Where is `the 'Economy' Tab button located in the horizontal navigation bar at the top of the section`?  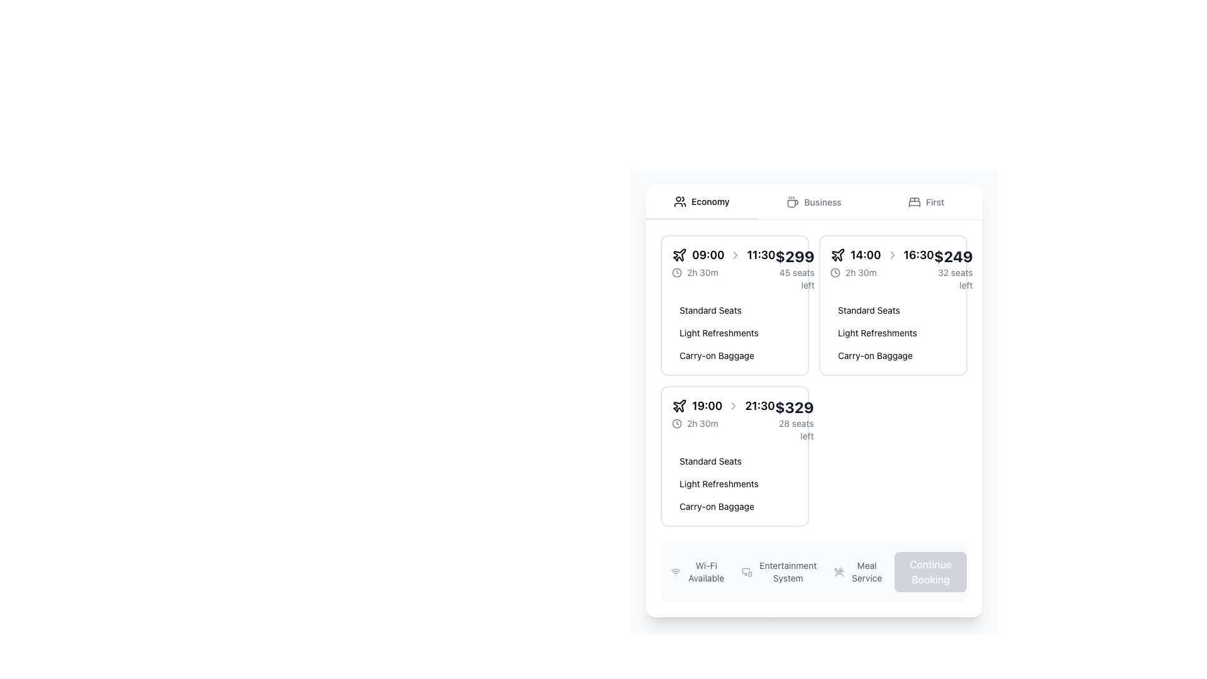
the 'Economy' Tab button located in the horizontal navigation bar at the top of the section is located at coordinates (701, 201).